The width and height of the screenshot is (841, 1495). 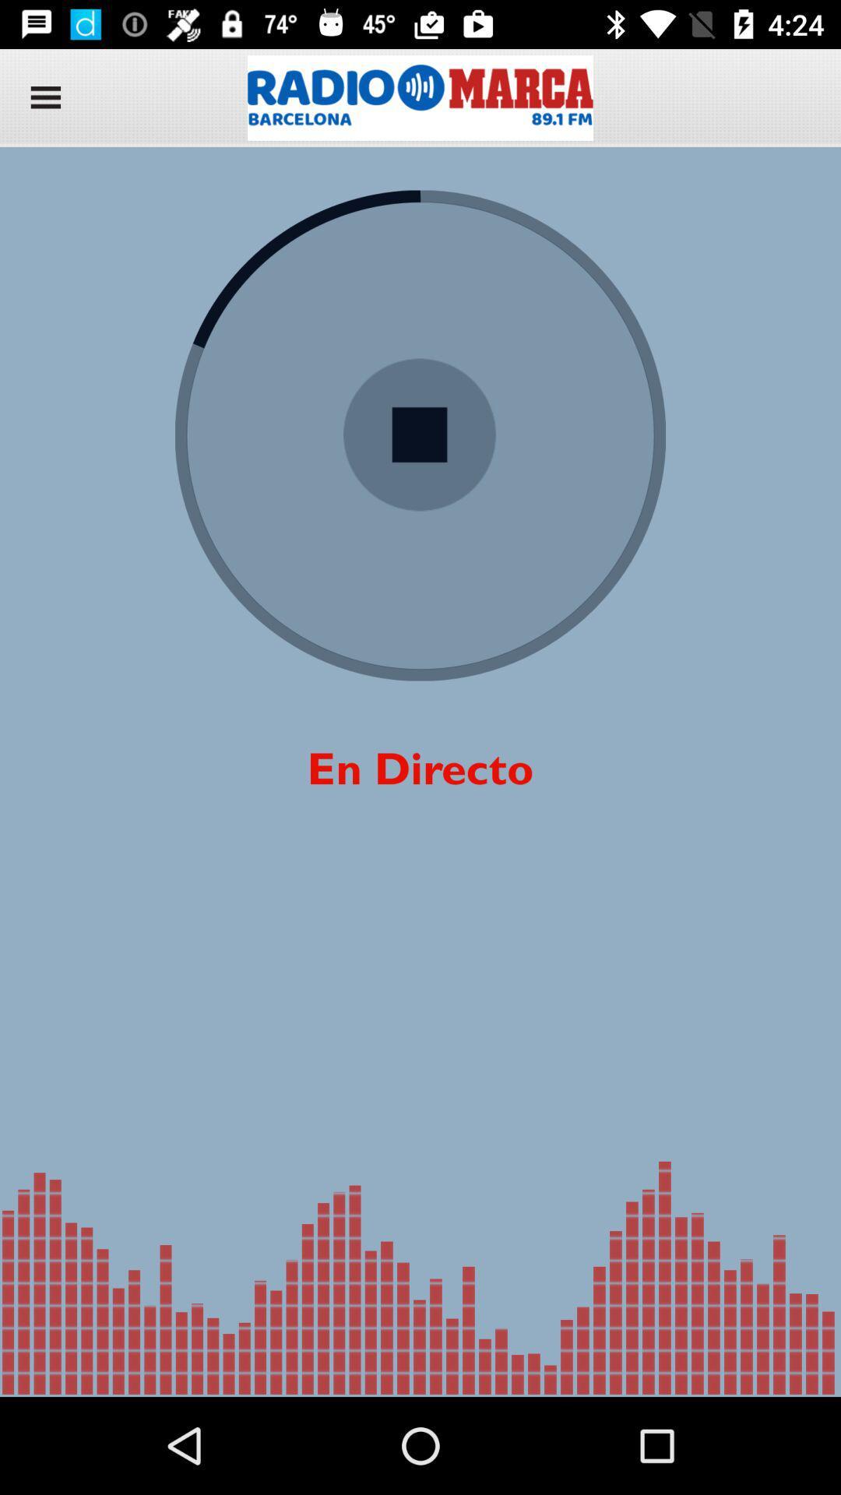 What do you see at coordinates (419, 435) in the screenshot?
I see `icon above en directo app` at bounding box center [419, 435].